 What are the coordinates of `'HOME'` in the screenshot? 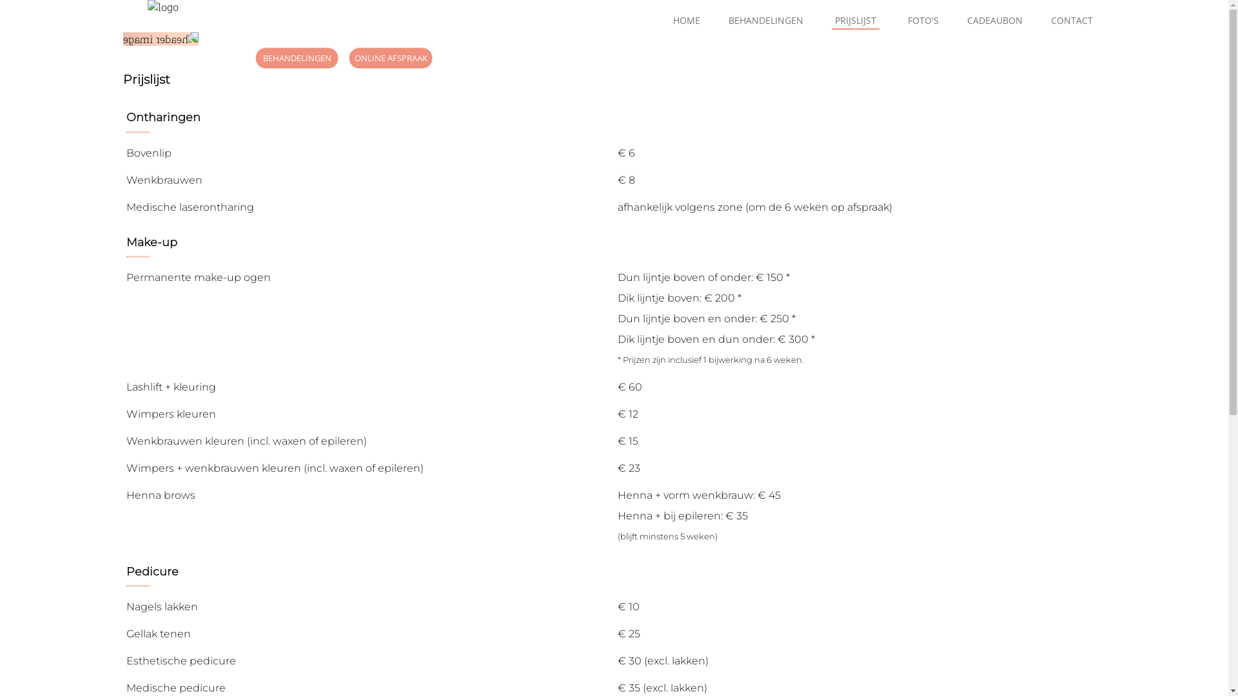 It's located at (672, 20).